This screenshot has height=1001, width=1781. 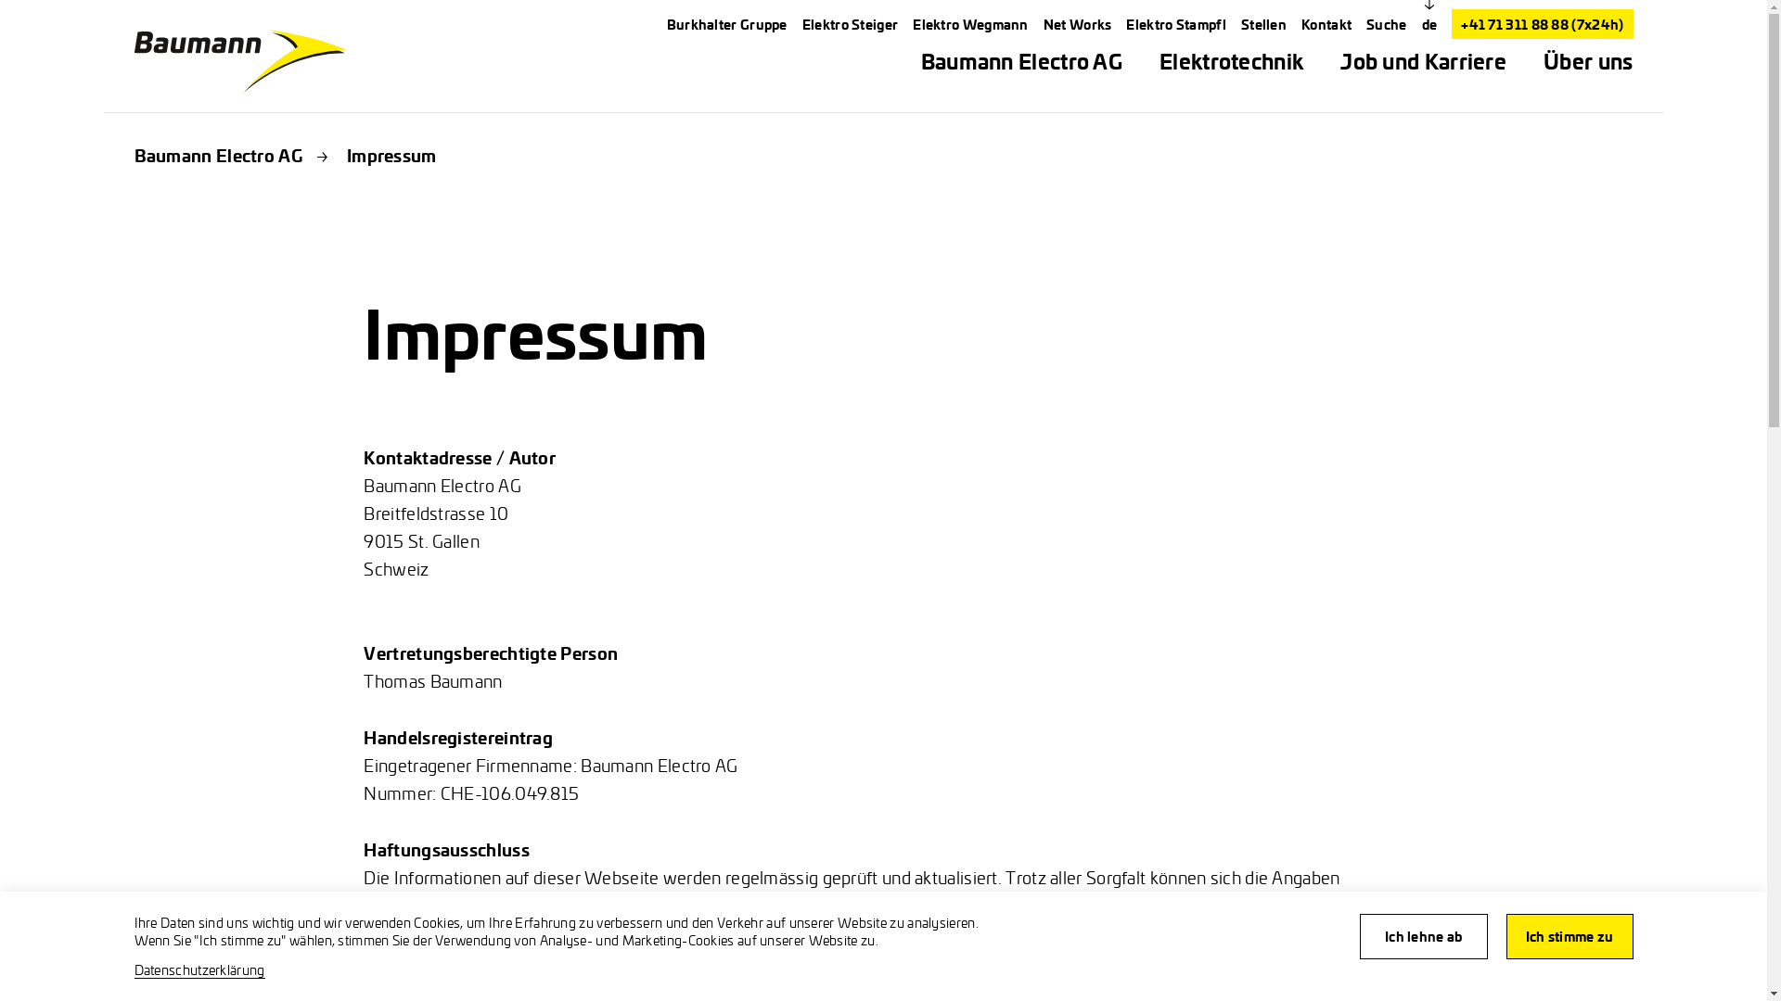 What do you see at coordinates (1174, 24) in the screenshot?
I see `'Elektro Stampfl'` at bounding box center [1174, 24].